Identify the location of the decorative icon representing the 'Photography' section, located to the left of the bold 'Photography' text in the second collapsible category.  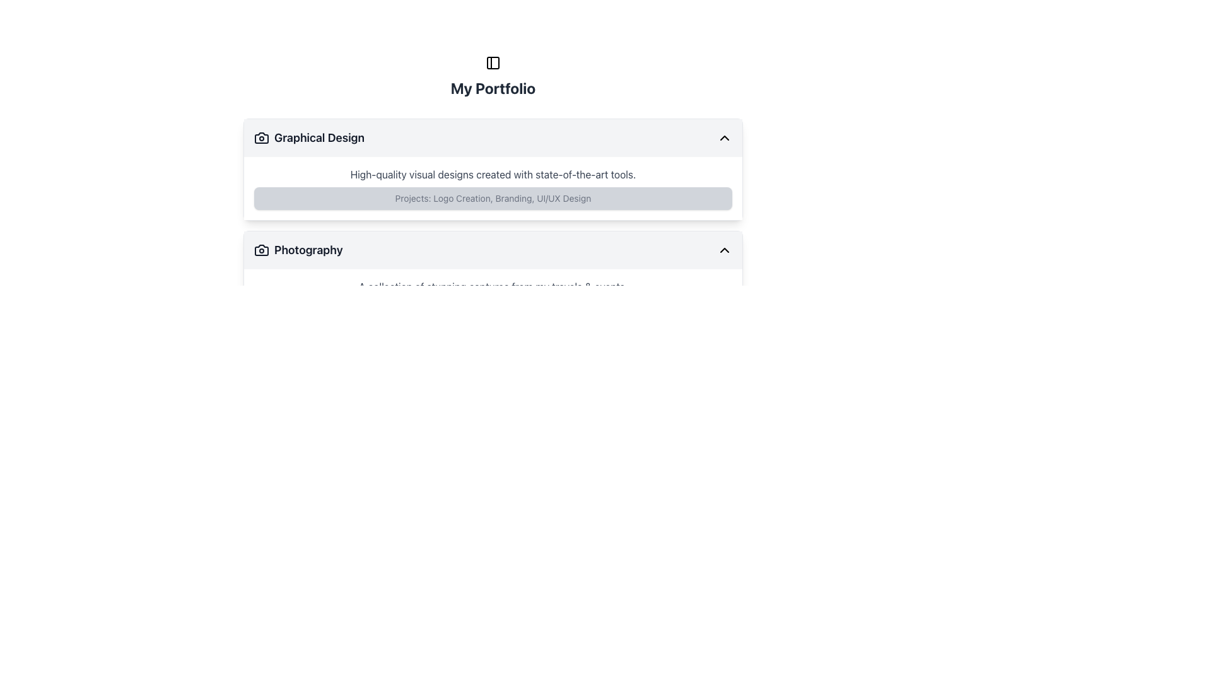
(260, 250).